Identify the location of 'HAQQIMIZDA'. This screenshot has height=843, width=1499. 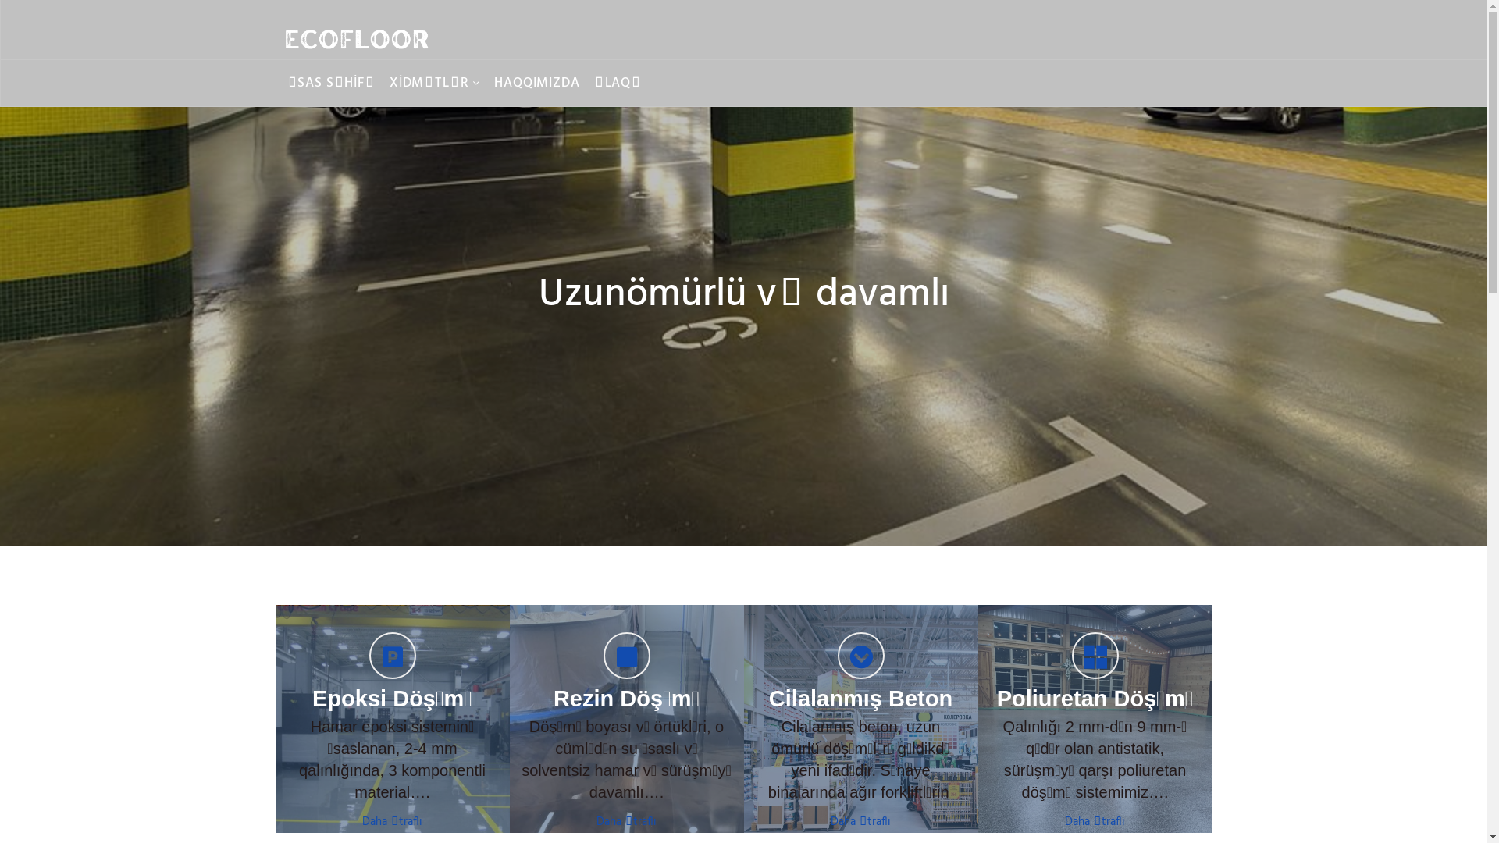
(536, 84).